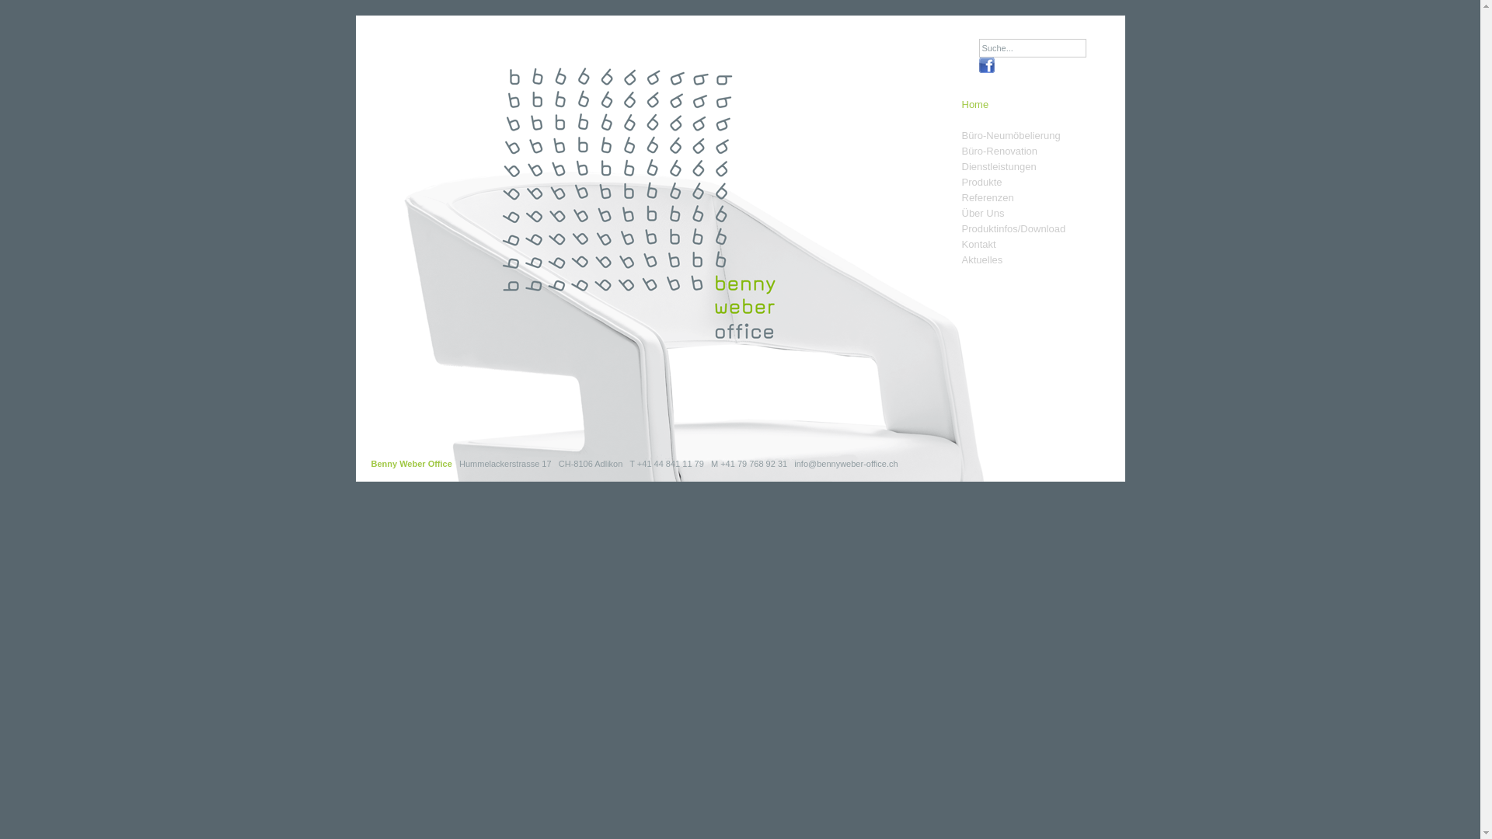 This screenshot has width=1492, height=839. I want to click on 'Produktinfos/Download', so click(1014, 228).